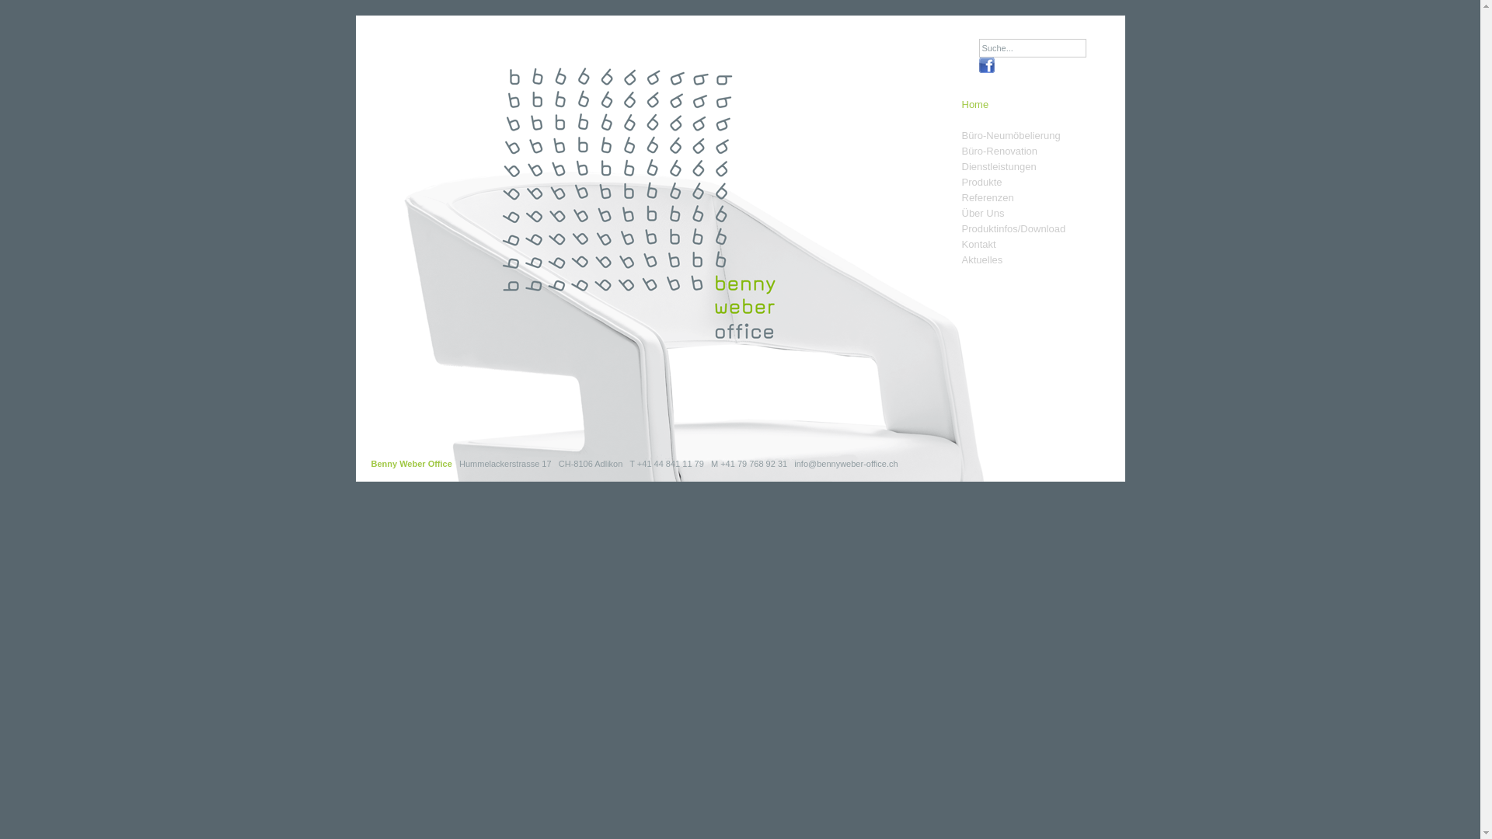 This screenshot has width=1492, height=839. I want to click on 'Produktinfos/Download', so click(1014, 228).